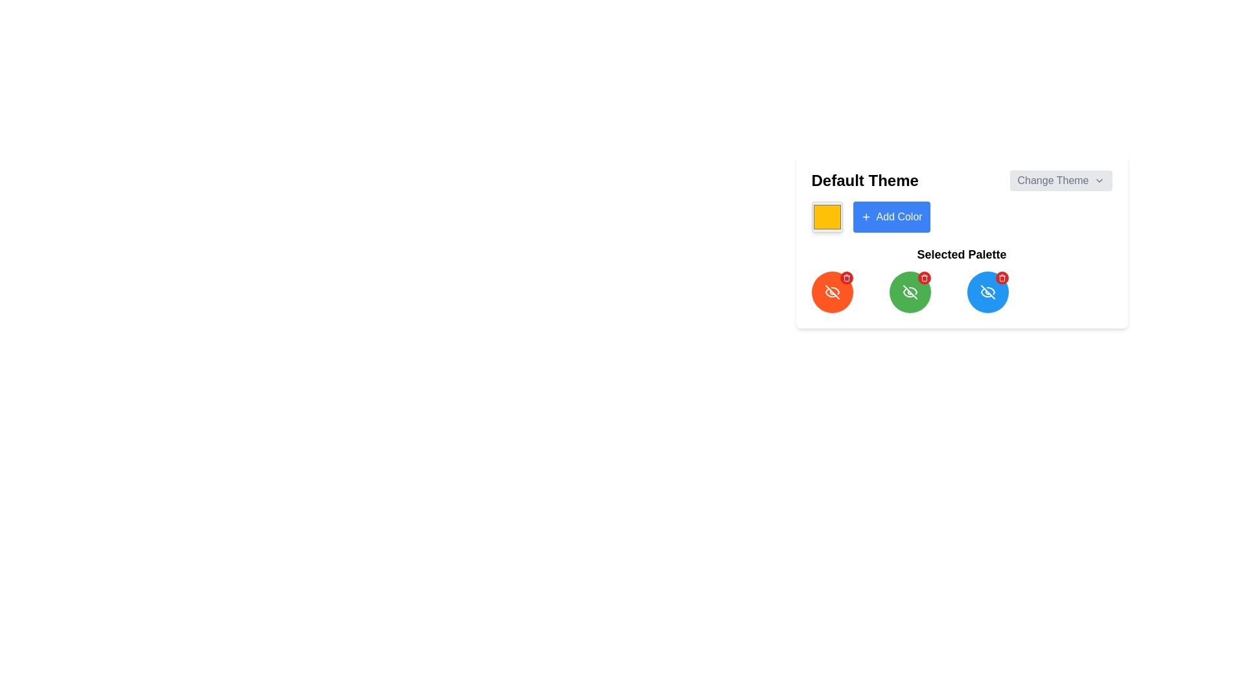 Image resolution: width=1244 pixels, height=700 pixels. I want to click on the square color picker element with a yellow fill and a gray border, so click(826, 216).